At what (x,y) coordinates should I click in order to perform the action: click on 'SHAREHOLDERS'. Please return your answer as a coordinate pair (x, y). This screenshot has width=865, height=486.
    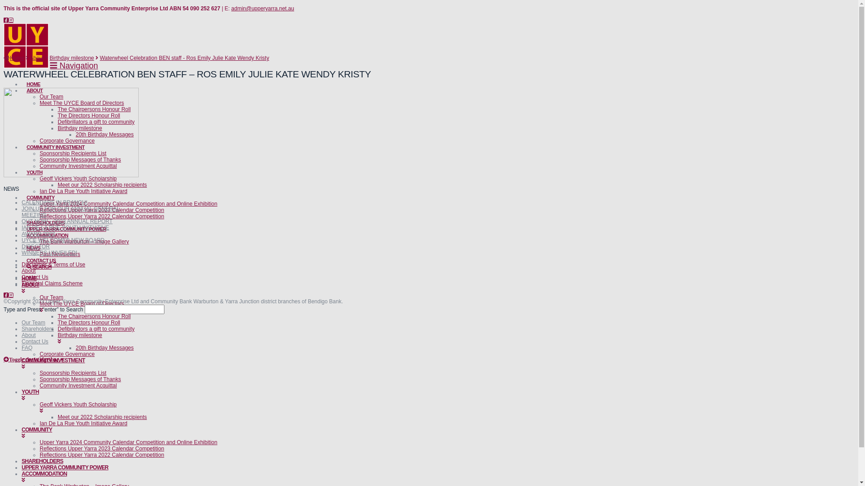
    Looking at the image, I should click on (45, 220).